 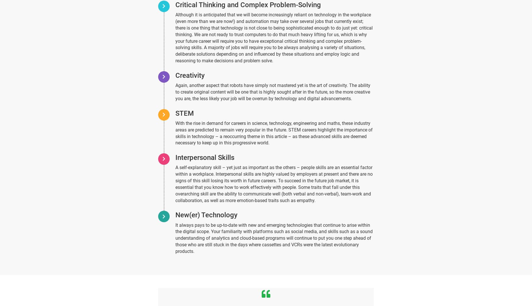 What do you see at coordinates (273, 37) in the screenshot?
I see `'Although it is anticipated that we will become increasingly reliant on technology in the workplace (even more than we are now!) and automation may take over several jobs that currently exist; there is one thing that technology is not close to being sophisticated enough to do just yet: critical thinking. We are not ready to trust computers to do that much heavy lifting for us, which is why your future career will require you to have exceptional critical thinking and complex problem-solving skills. A majority of jobs will require you to be always analysing a variety of situations, deliberate solutions depending on and influenced by these situations and employ logic and reasoning to make decisions and problem solve.'` at bounding box center [273, 37].